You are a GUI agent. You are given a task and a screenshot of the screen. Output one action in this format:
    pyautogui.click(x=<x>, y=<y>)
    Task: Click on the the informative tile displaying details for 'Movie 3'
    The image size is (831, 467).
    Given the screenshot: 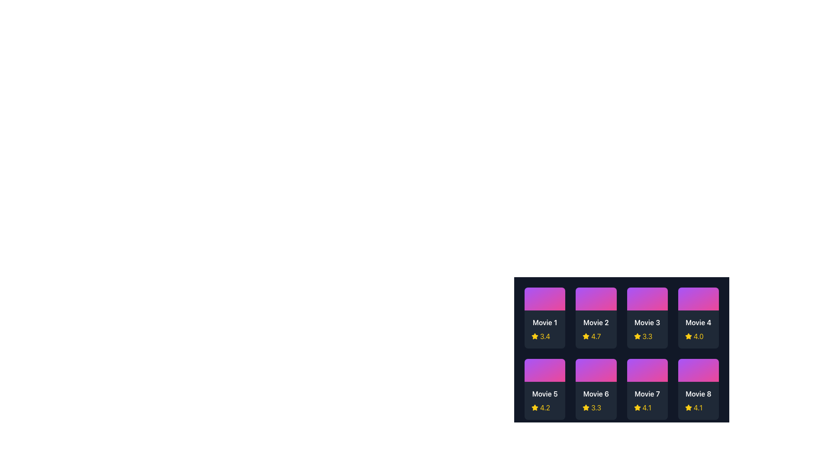 What is the action you would take?
    pyautogui.click(x=647, y=318)
    